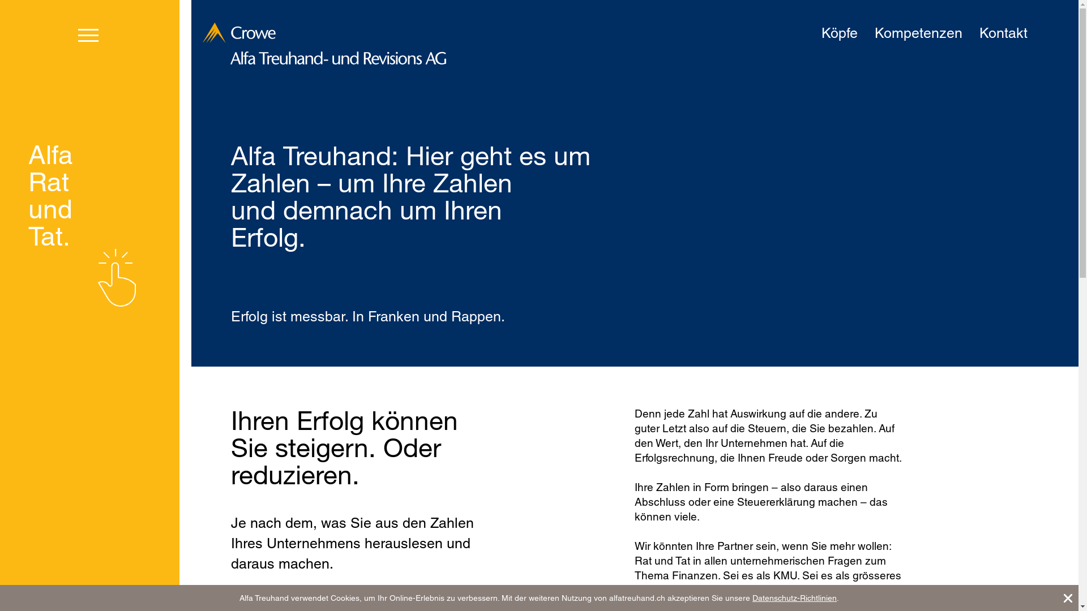 The width and height of the screenshot is (1087, 611). Describe the element at coordinates (87, 32) in the screenshot. I see `'toggle menu'` at that location.